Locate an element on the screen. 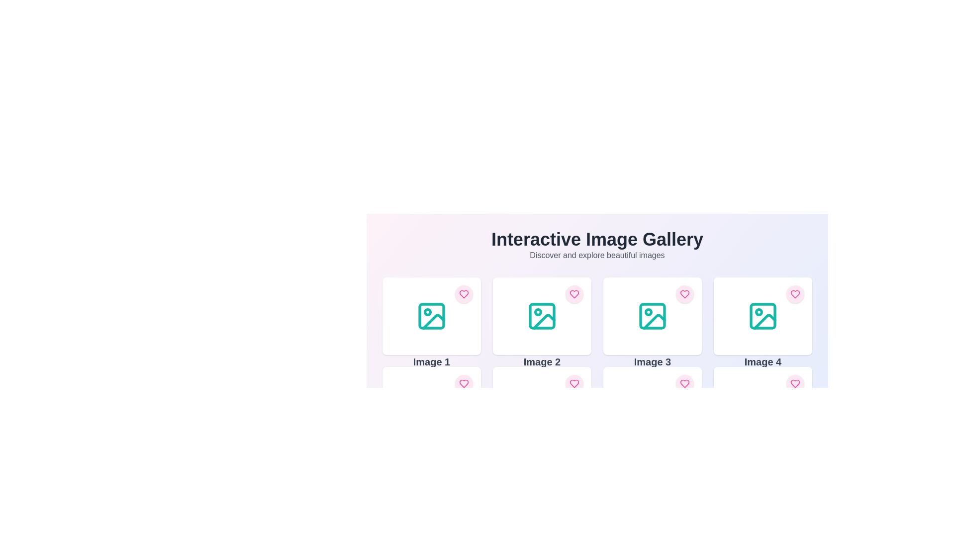  the circular pink button with a heart icon located in the top-right corner of the card labeled 'Image 1' in the gallery grid is located at coordinates (463, 293).